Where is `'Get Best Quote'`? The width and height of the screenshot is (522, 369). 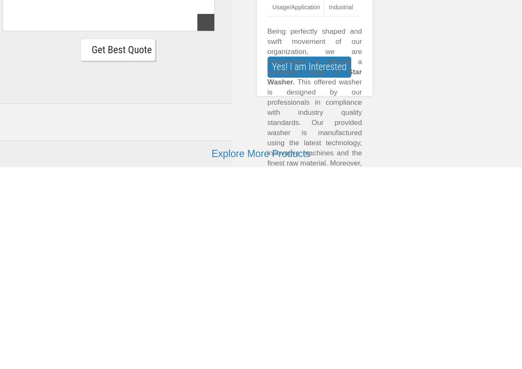
'Get Best Quote' is located at coordinates (248, 349).